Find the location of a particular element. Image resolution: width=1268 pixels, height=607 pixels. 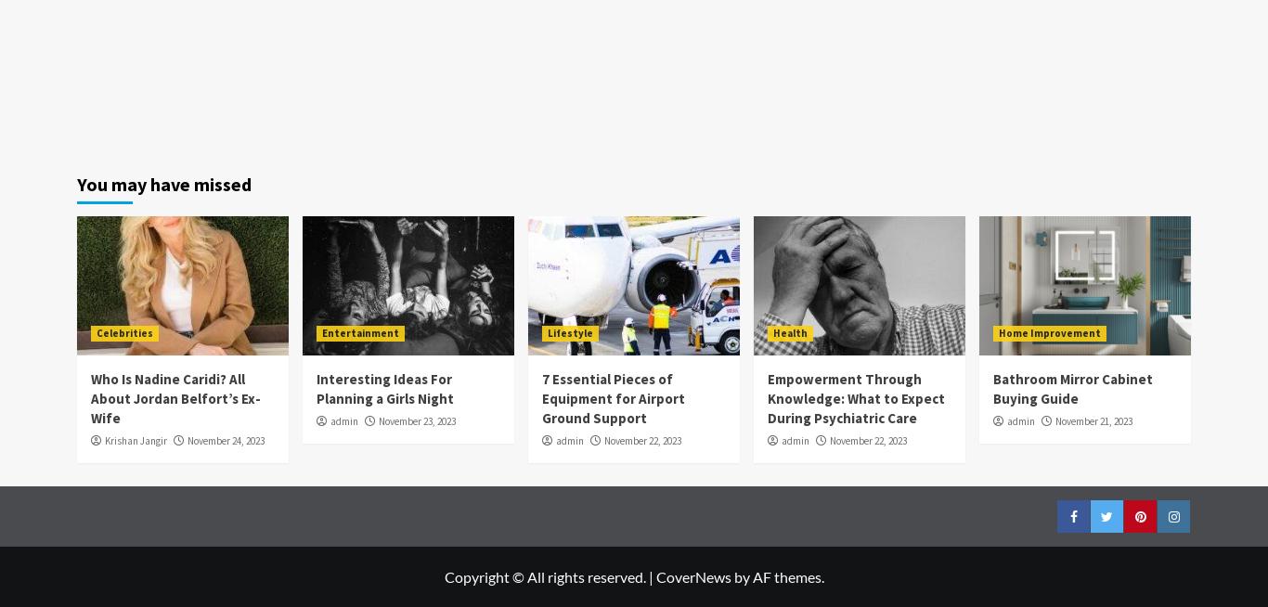

'Empowerment Through Knowledge: What to Expect During Psychiatric Care' is located at coordinates (856, 397).